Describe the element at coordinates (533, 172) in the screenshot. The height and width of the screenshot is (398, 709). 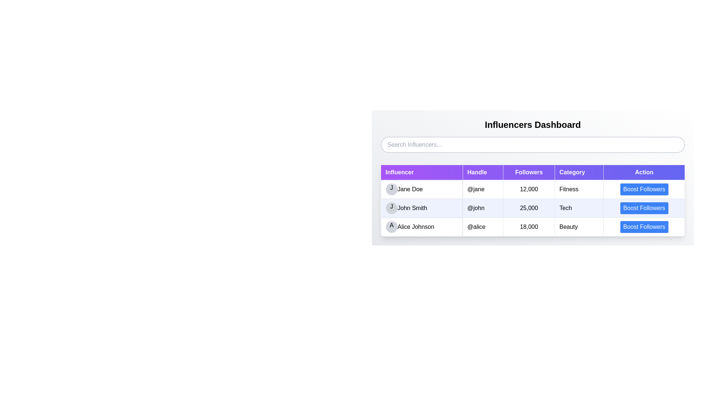
I see `column labels from the Table Header Row located at the top of the table, which includes 'Influencer', 'Handle', 'Followers', 'Category', and 'Action'` at that location.